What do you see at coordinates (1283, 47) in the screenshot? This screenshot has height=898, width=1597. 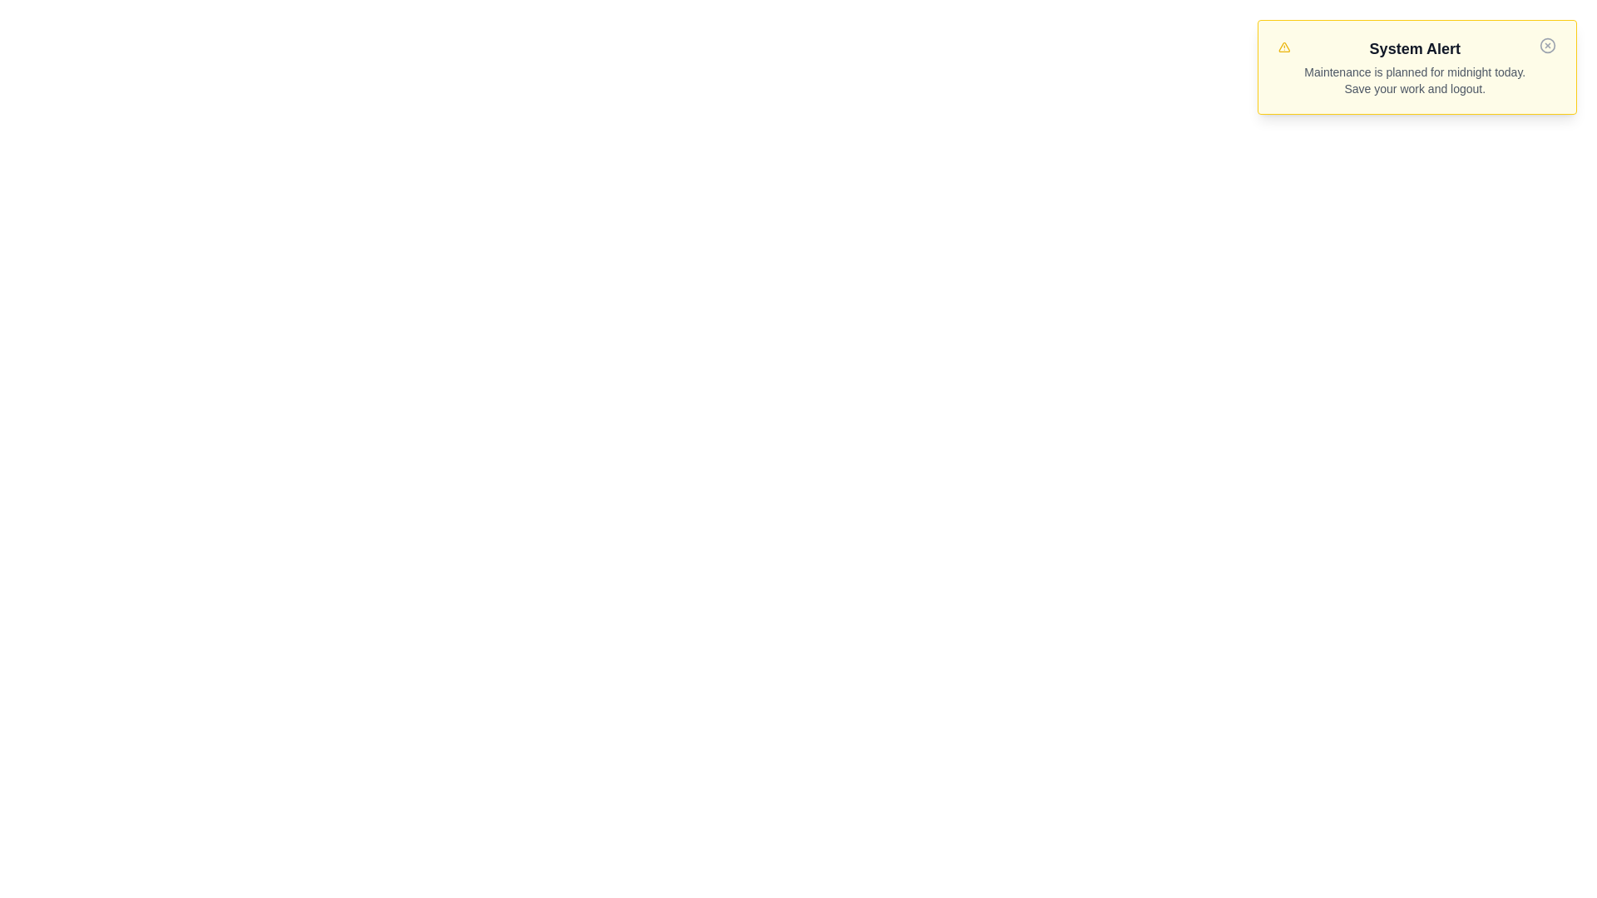 I see `the alert icon to acknowledge the alert` at bounding box center [1283, 47].